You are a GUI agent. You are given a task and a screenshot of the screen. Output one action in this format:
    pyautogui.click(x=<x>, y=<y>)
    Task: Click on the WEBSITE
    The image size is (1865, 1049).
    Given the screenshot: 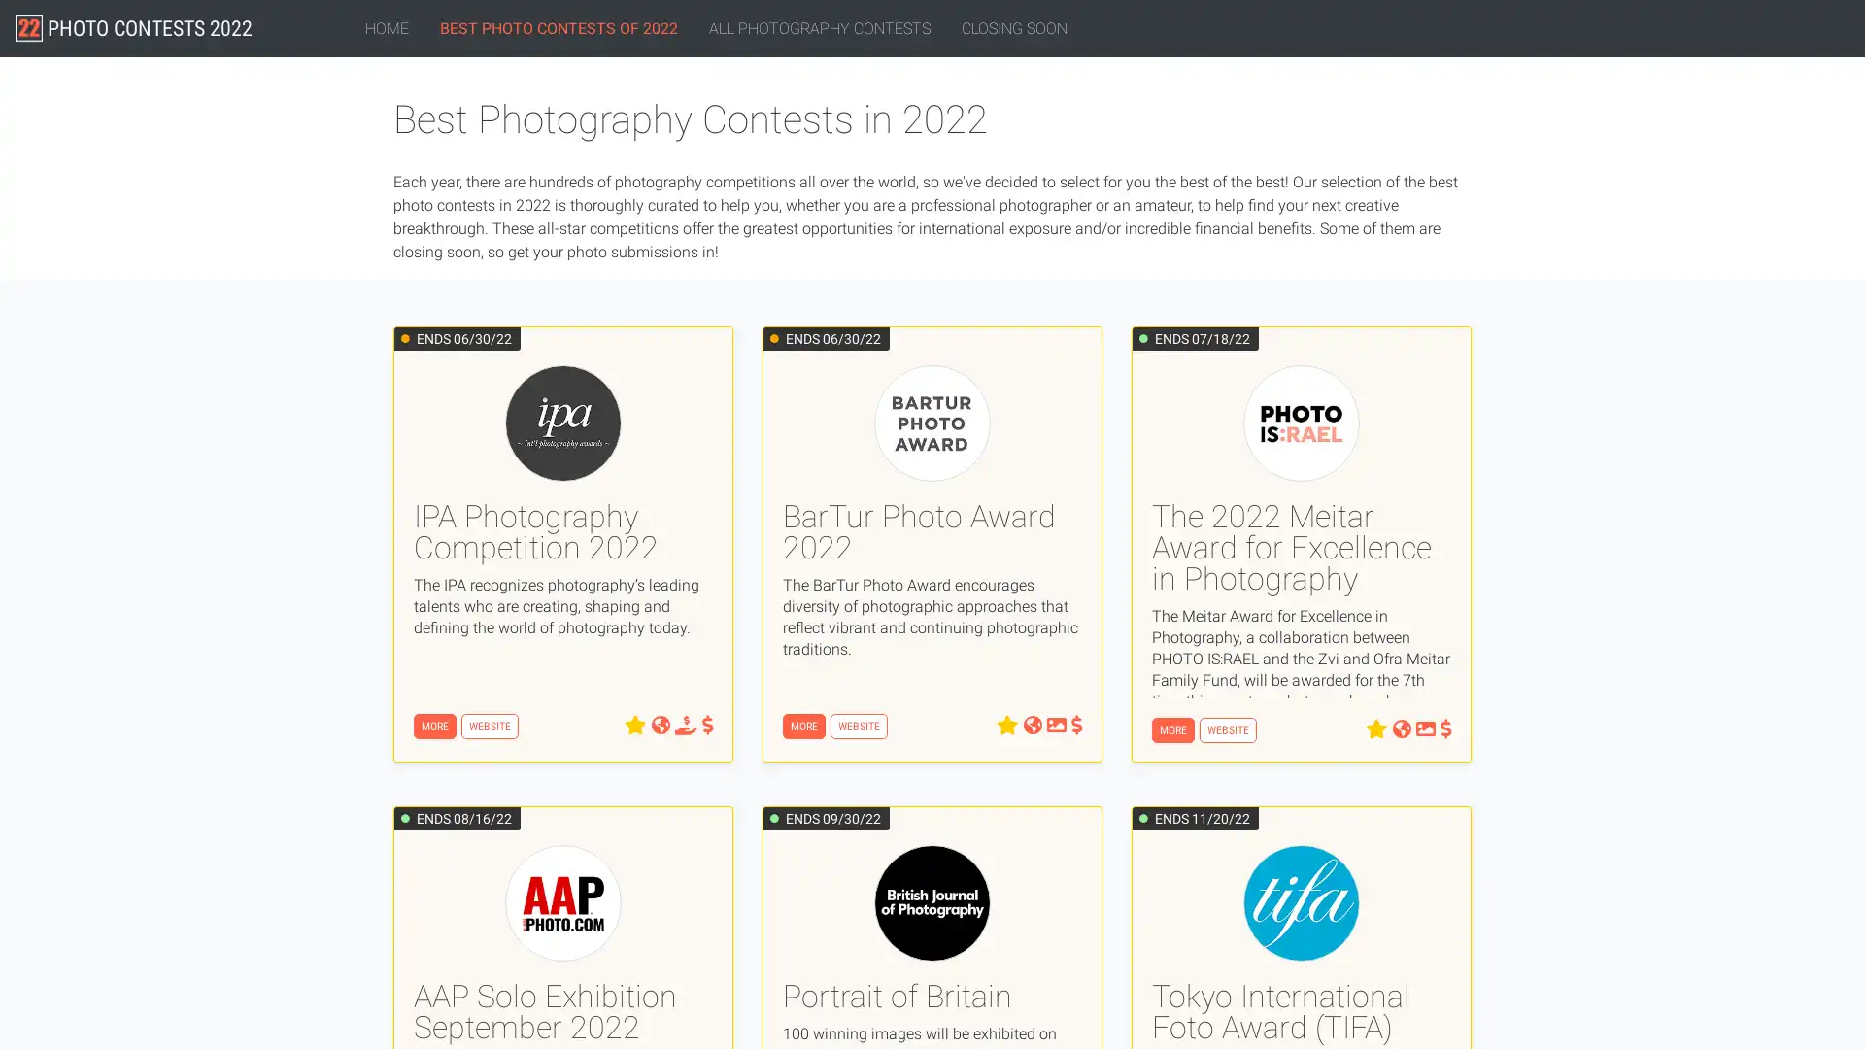 What is the action you would take?
    pyautogui.click(x=858, y=727)
    